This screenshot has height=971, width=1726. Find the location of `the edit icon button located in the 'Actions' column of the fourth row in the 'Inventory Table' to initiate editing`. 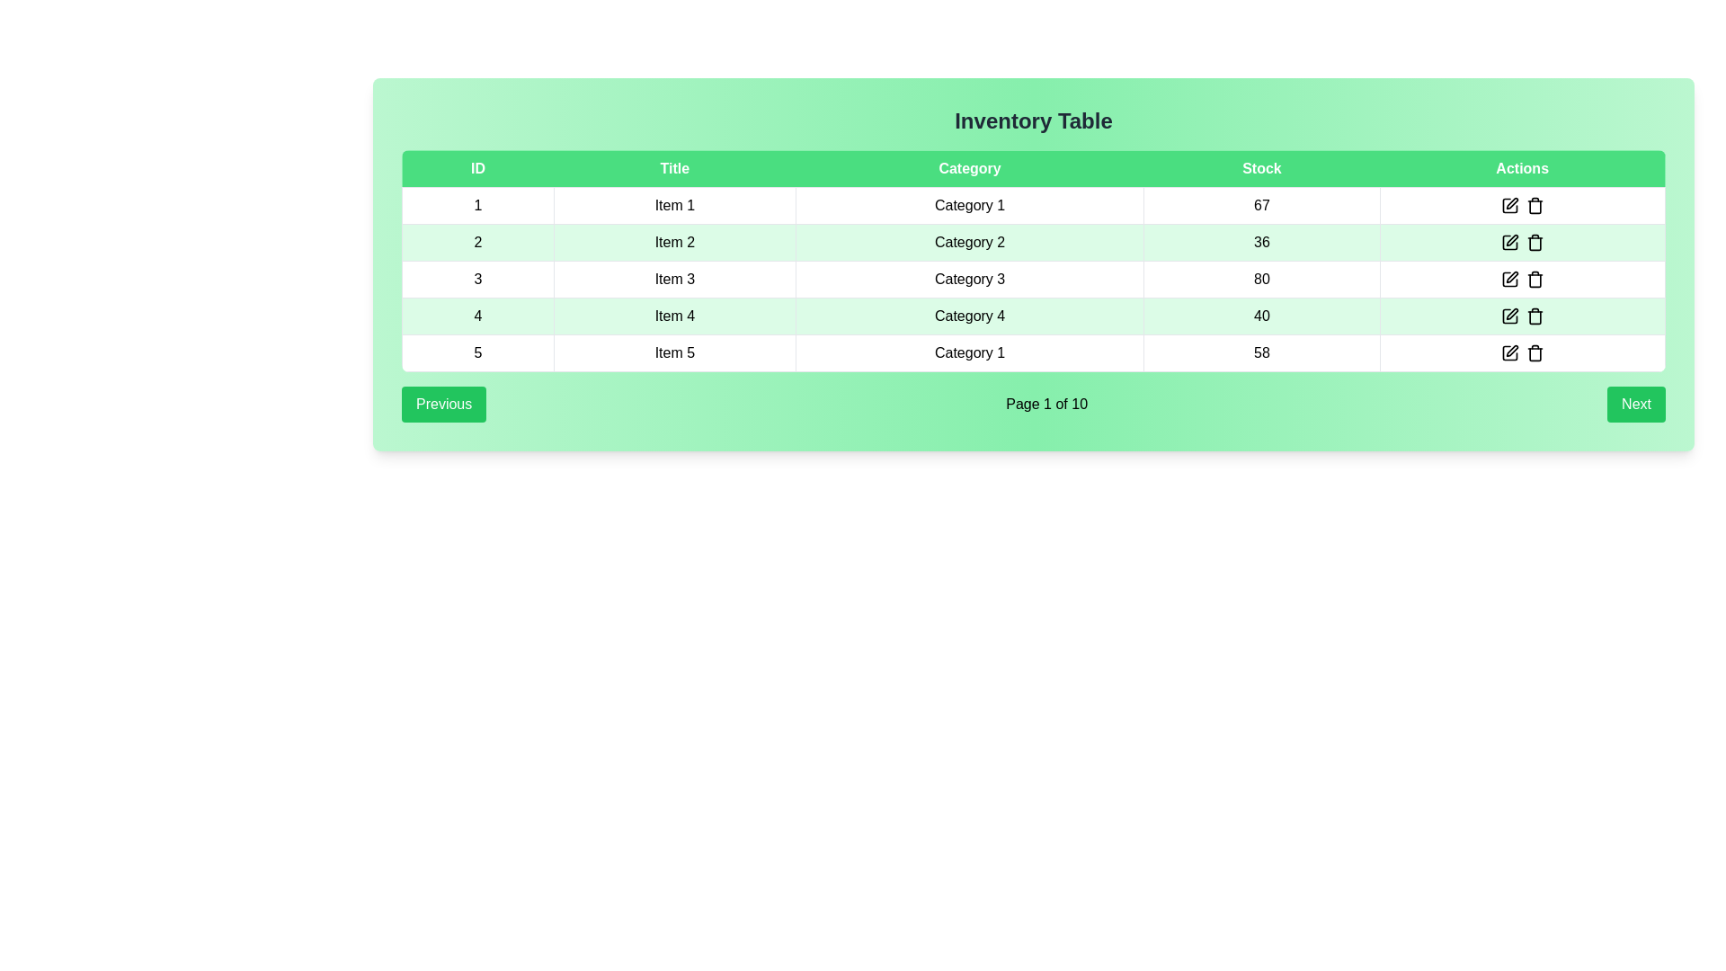

the edit icon button located in the 'Actions' column of the fourth row in the 'Inventory Table' to initiate editing is located at coordinates (1511, 313).